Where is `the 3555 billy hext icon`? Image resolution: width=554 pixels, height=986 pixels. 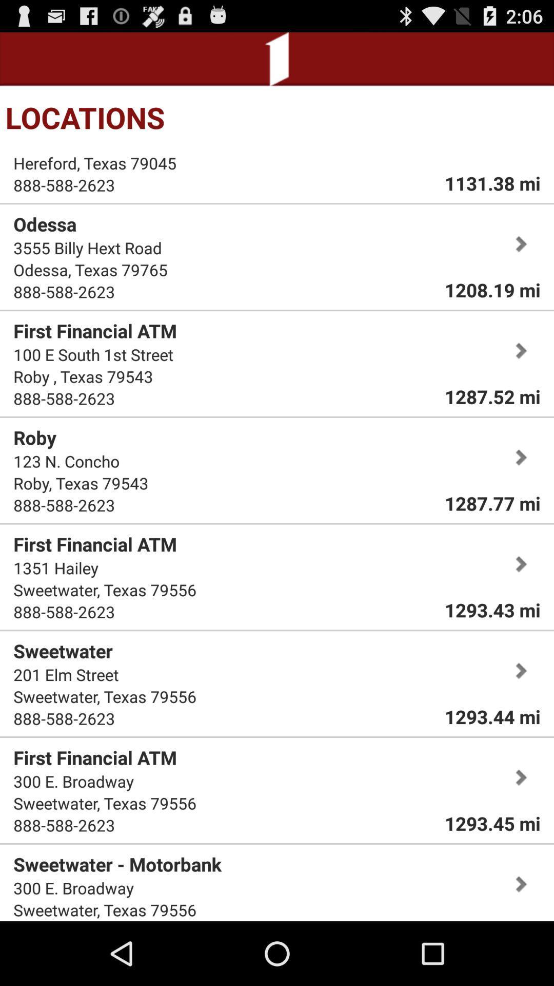 the 3555 billy hext icon is located at coordinates (87, 248).